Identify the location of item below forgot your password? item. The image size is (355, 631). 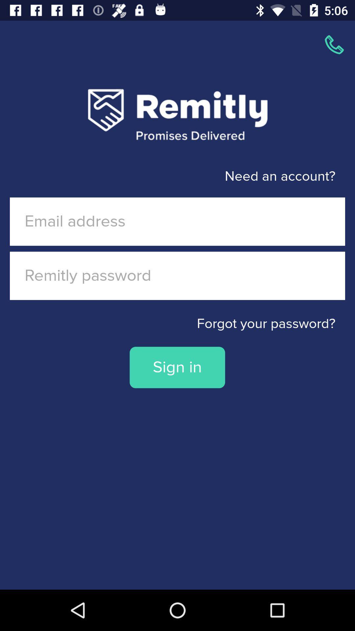
(177, 367).